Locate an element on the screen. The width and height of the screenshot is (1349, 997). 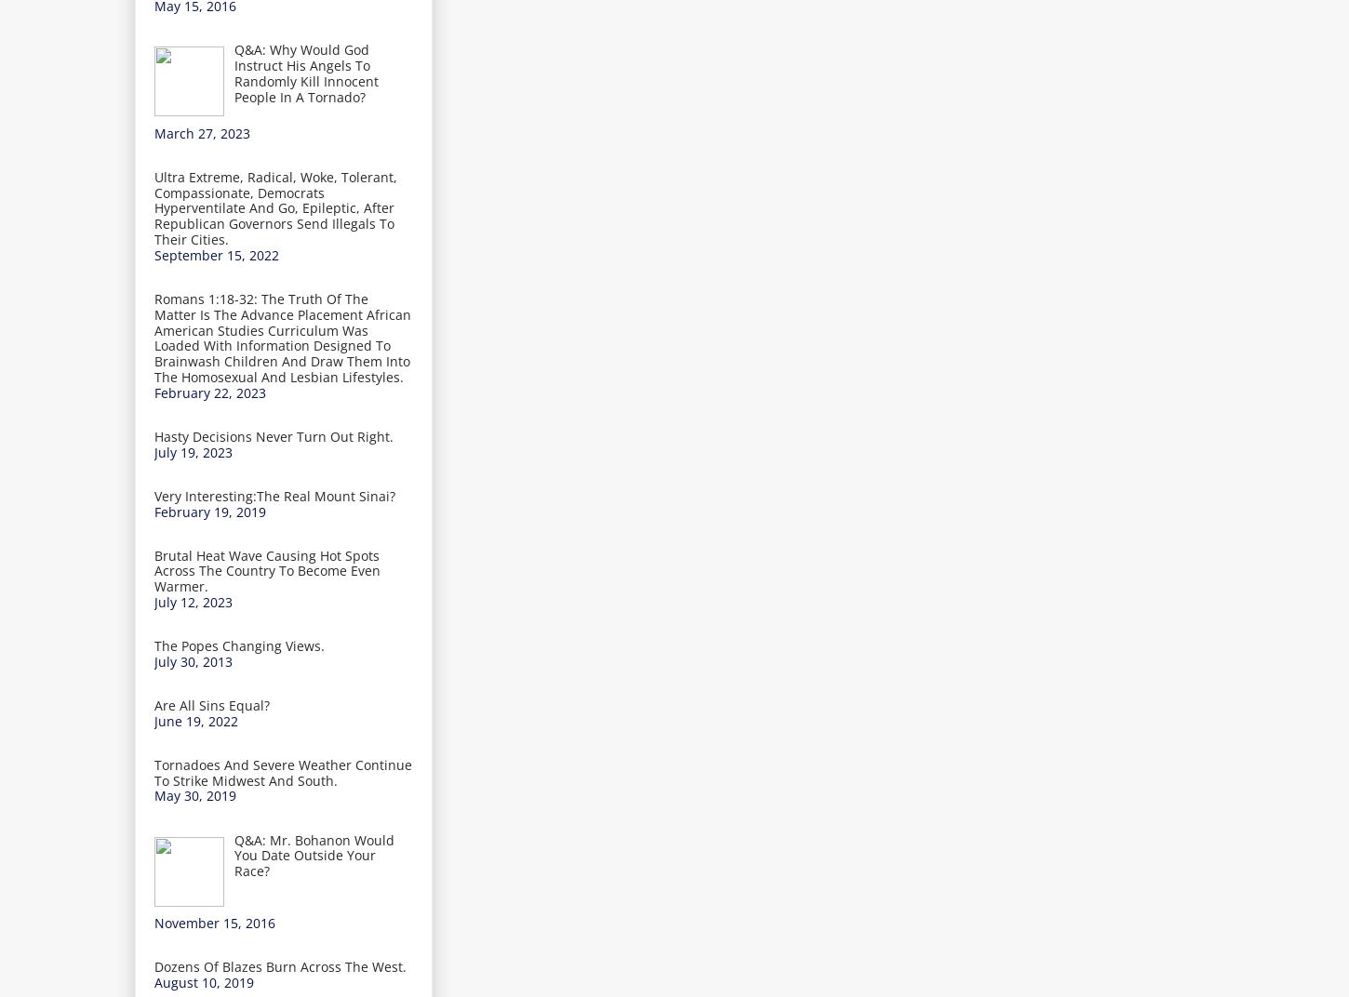
'Tornadoes And Severe Weather Continue To Strike Midwest And South.' is located at coordinates (283, 771).